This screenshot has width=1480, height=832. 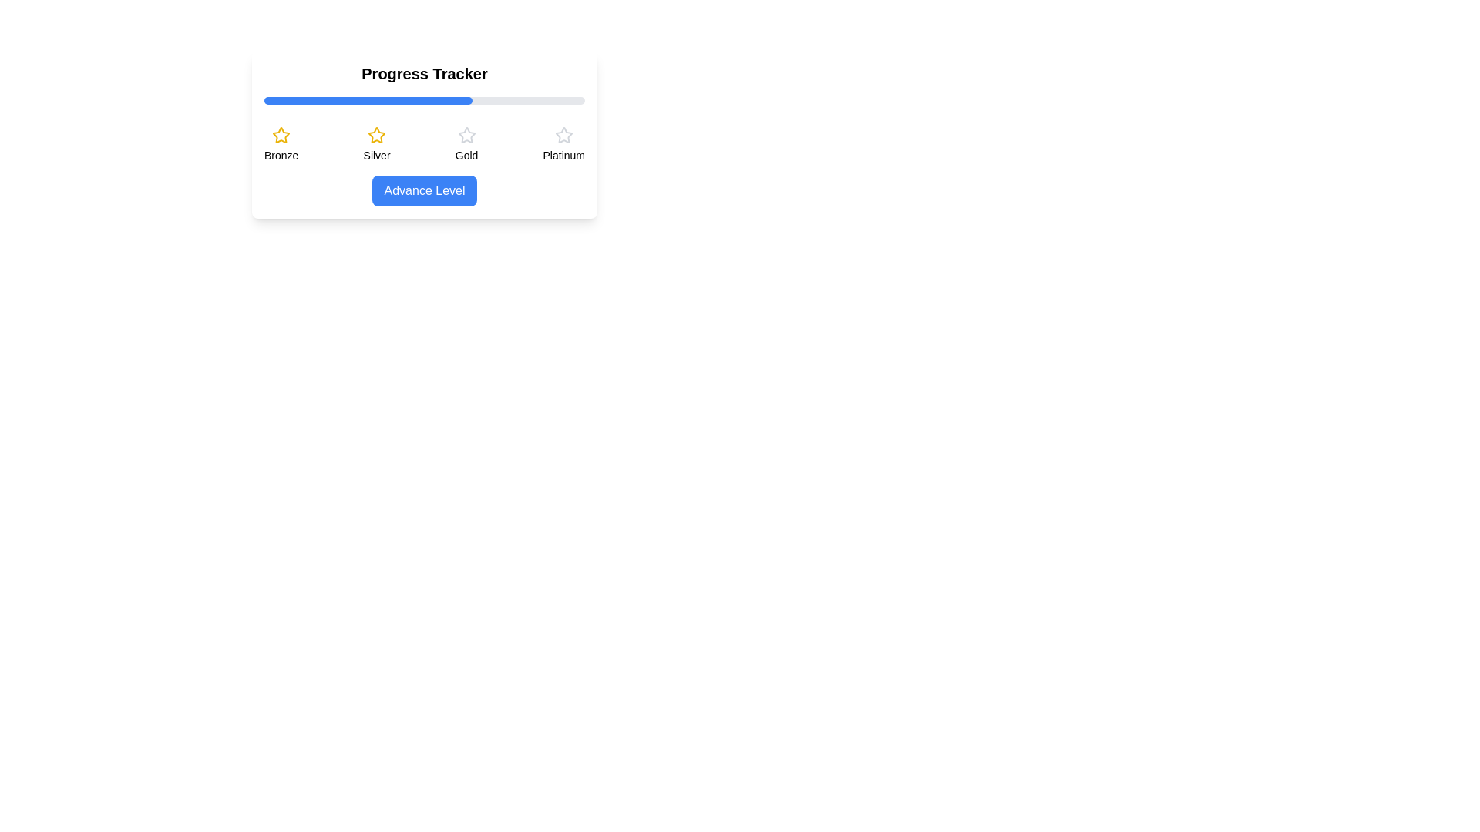 I want to click on text label that displays 'Silver,' which is positioned below a yellow star icon in the ranking area, so click(x=377, y=155).